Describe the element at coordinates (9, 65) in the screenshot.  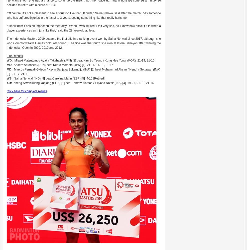
I see `'MS:'` at that location.